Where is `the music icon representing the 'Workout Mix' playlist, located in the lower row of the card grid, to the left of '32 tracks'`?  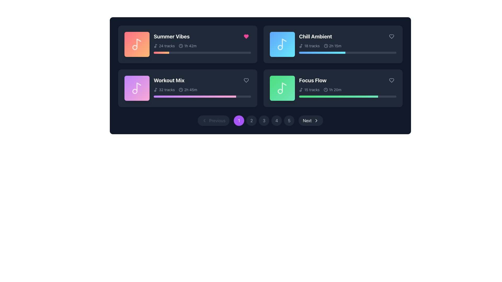 the music icon representing the 'Workout Mix' playlist, located in the lower row of the card grid, to the left of '32 tracks' is located at coordinates (155, 89).